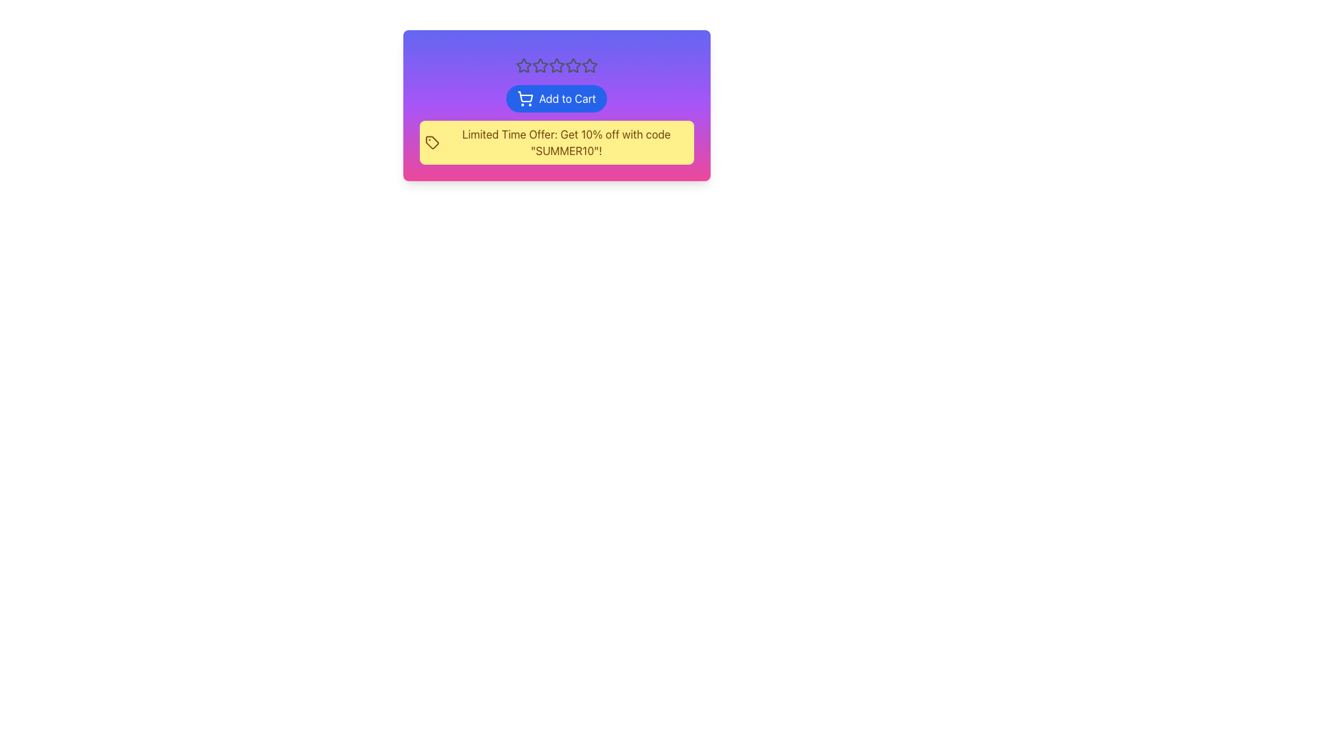 The height and width of the screenshot is (741, 1317). What do you see at coordinates (556, 143) in the screenshot?
I see `the informational notification banner located below the 'Add to Cart' button, which highlights a special discount offer and promotional code` at bounding box center [556, 143].